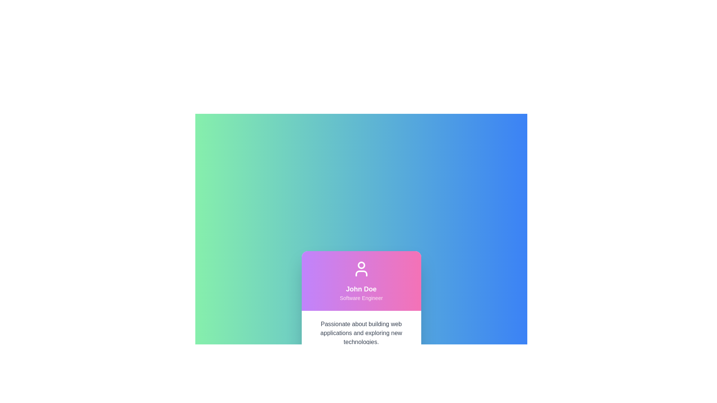 The height and width of the screenshot is (403, 717). What do you see at coordinates (361, 297) in the screenshot?
I see `the Text Label indicating the professional title or role of the individual, located directly below the name 'John Doe' and centered within the background card` at bounding box center [361, 297].